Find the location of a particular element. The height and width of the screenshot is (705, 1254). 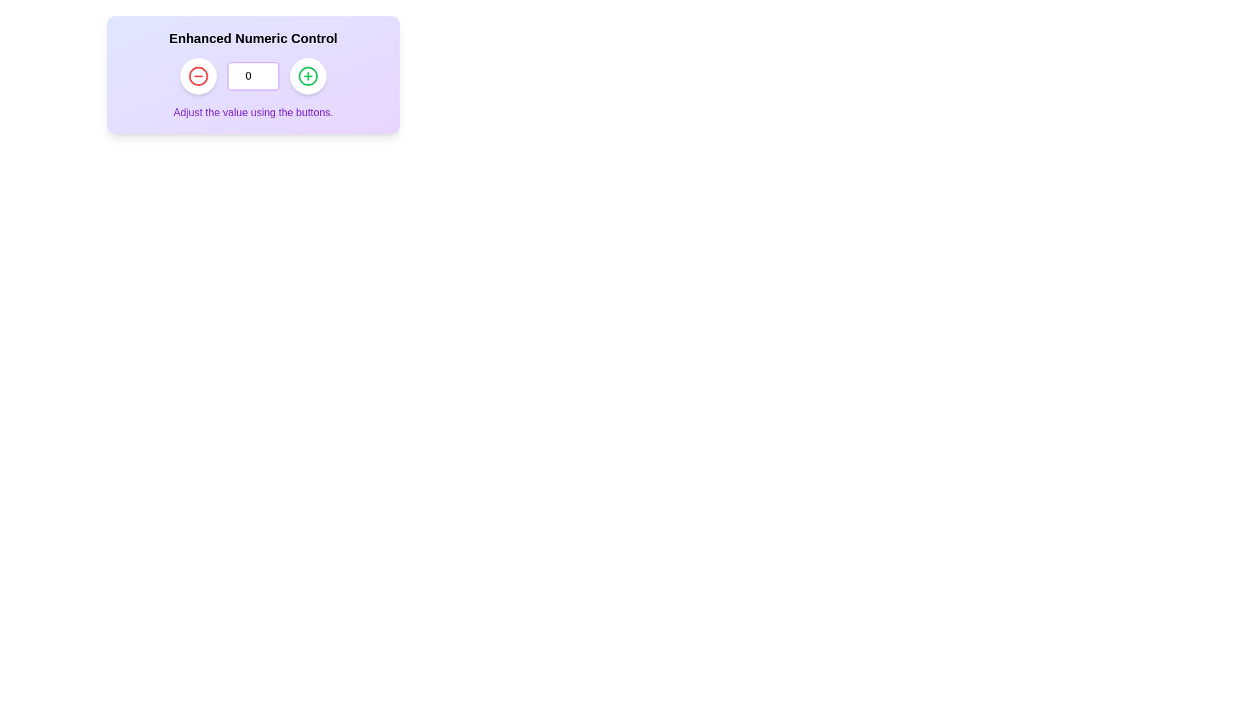

the small rectangular text input field with a white background and purple border, located centrally between a red minus button and a green plus button to focus on it is located at coordinates (253, 76).